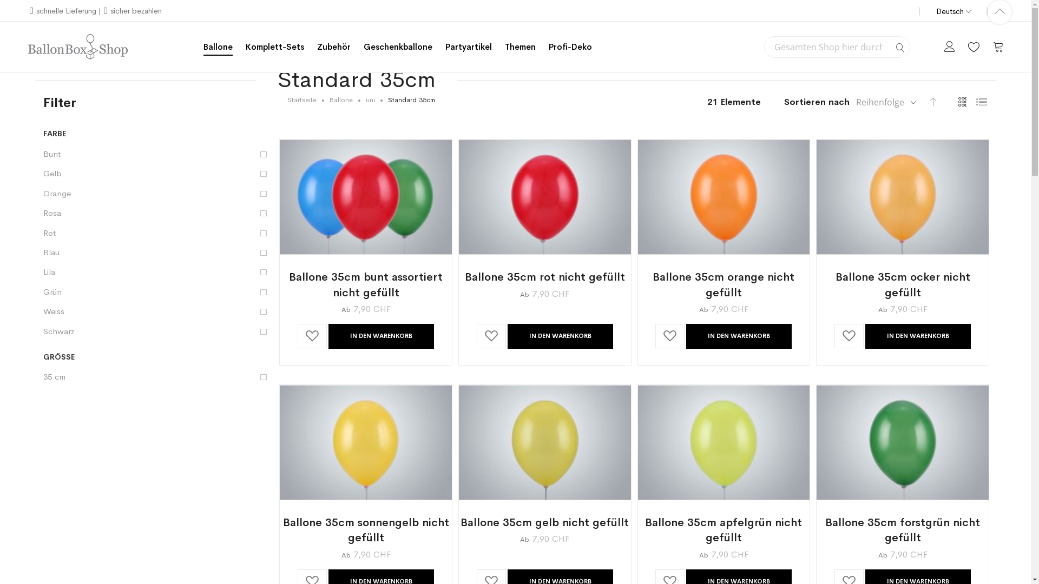  I want to click on 'Suche', so click(900, 47).